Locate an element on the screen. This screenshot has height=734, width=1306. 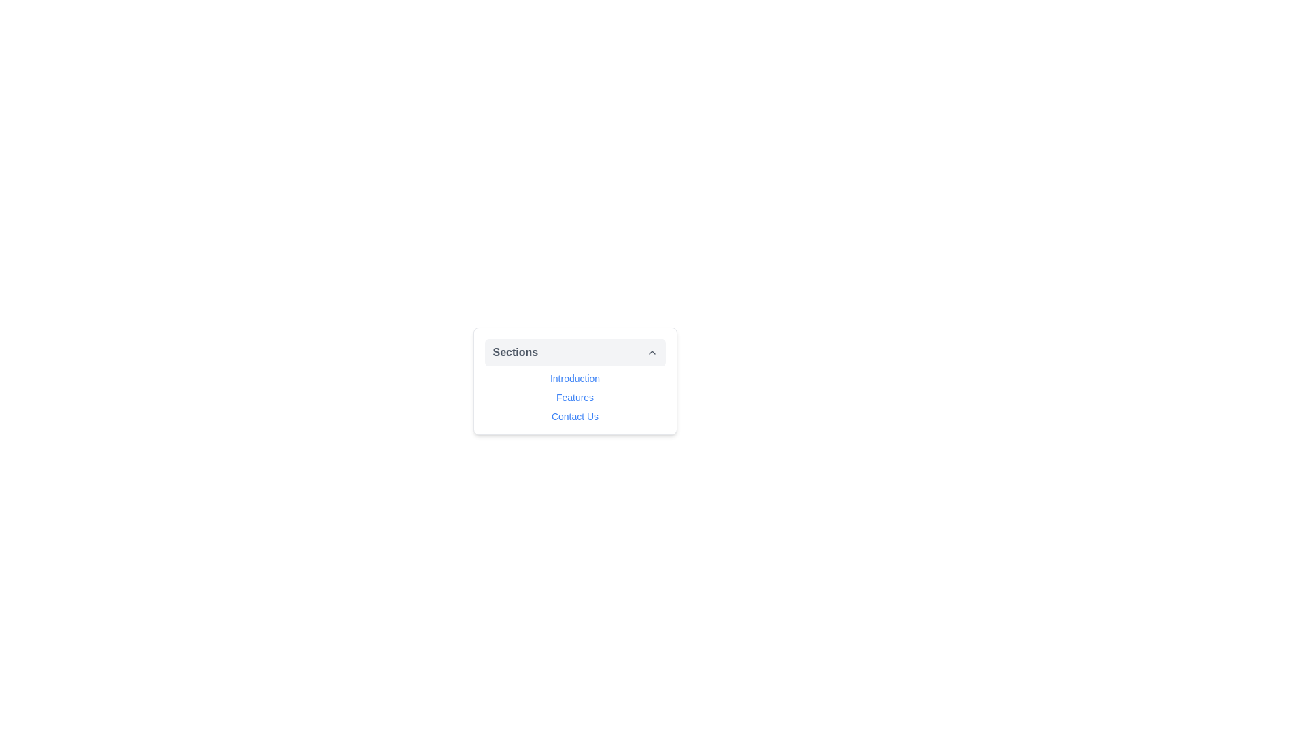
the 'Introduction' label element, which is the first item in a vertical list styled with a small font size, medium weight, and colored blue is located at coordinates (575, 378).